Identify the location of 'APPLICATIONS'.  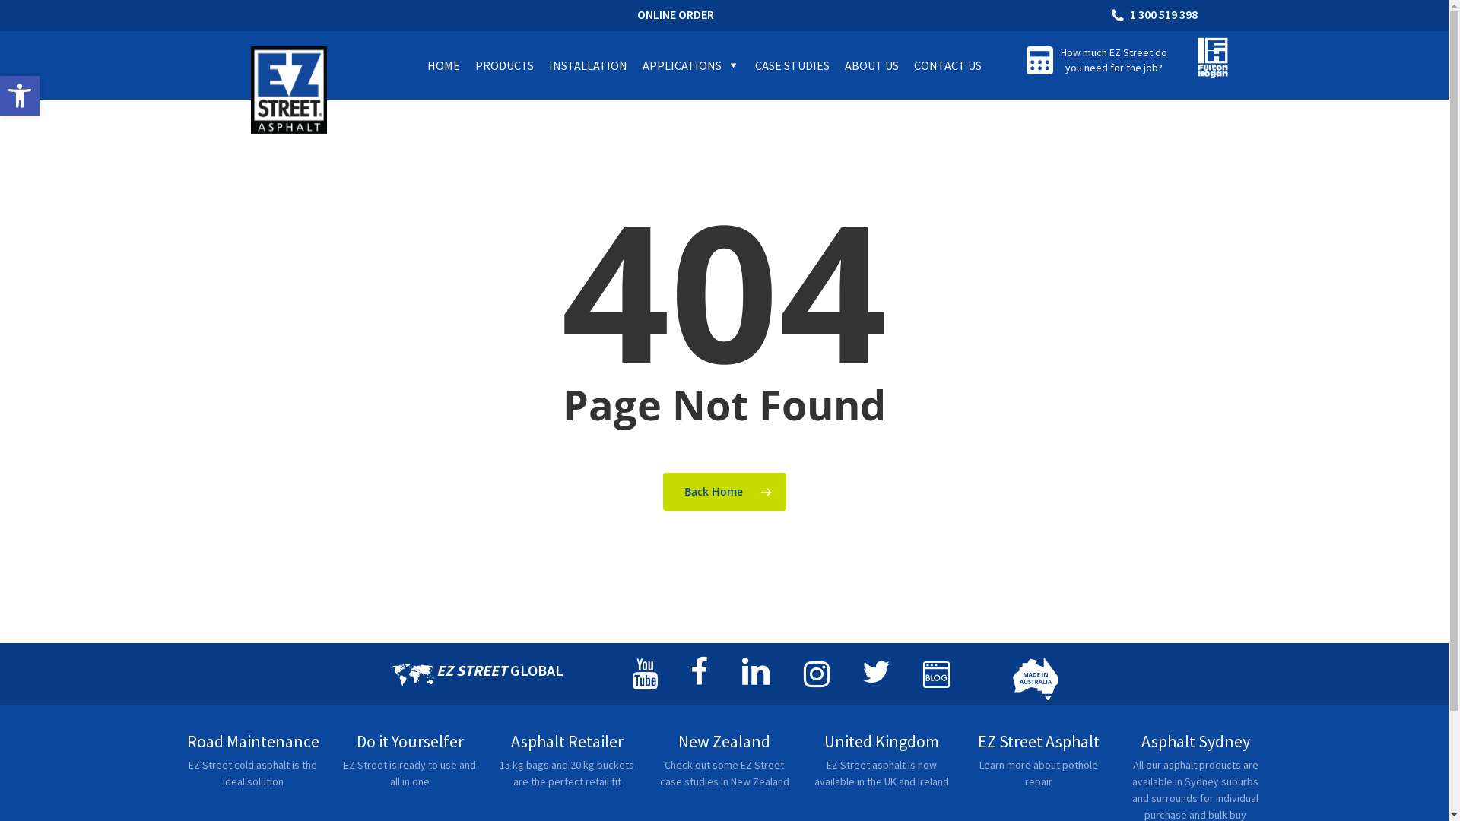
(690, 64).